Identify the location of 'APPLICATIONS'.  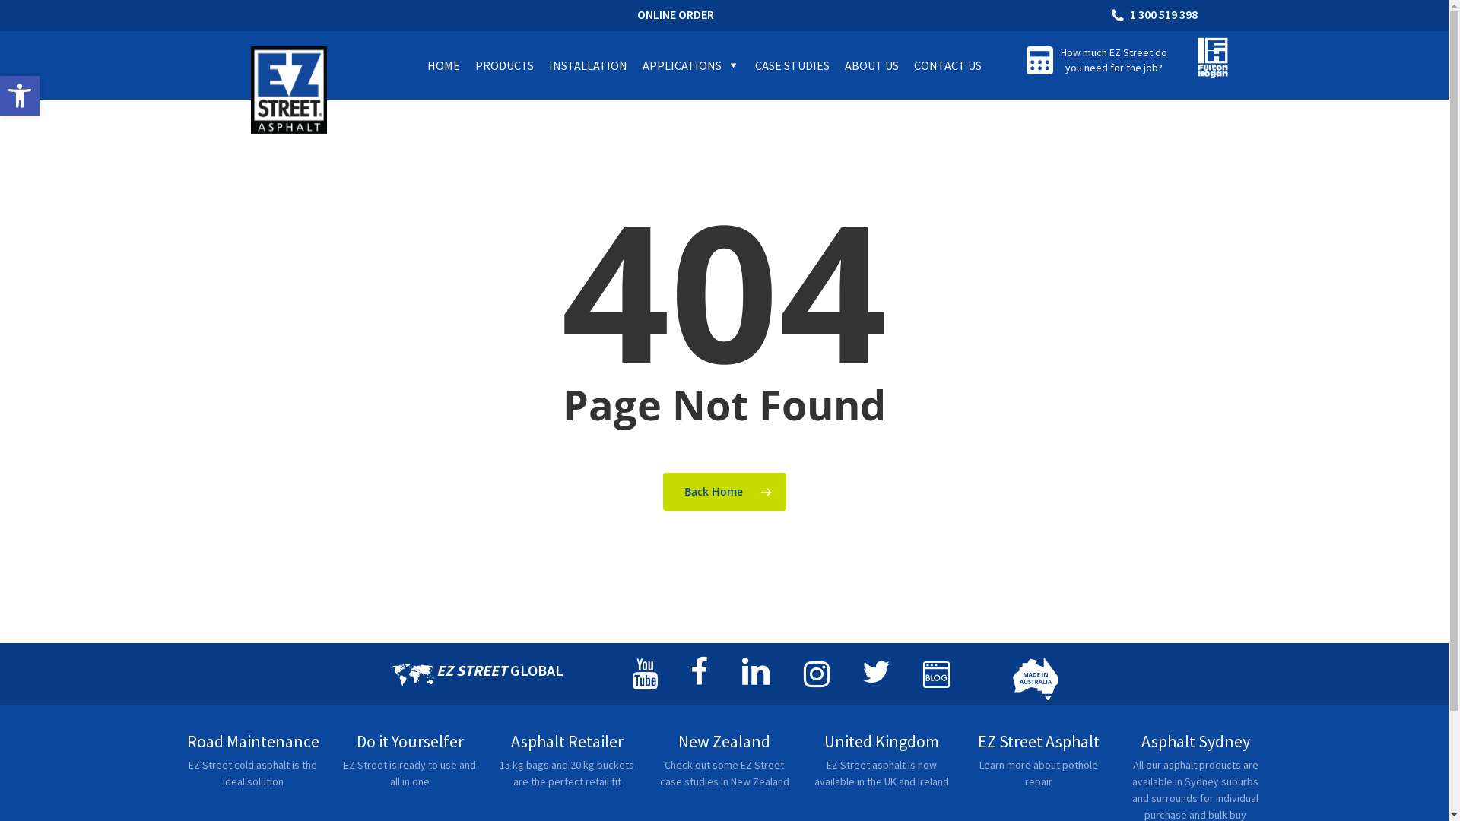
(690, 64).